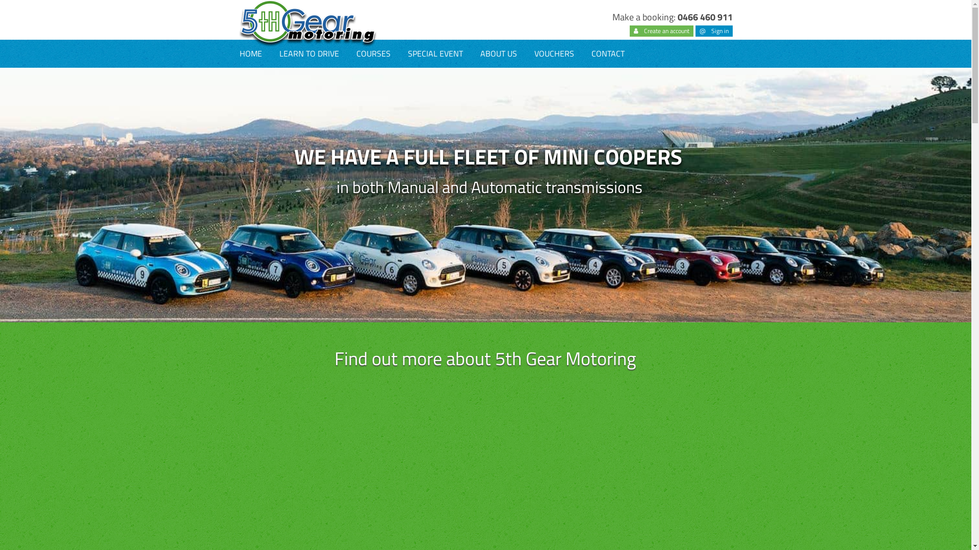 Image resolution: width=979 pixels, height=550 pixels. I want to click on 'SKIDPAN TRAINING', so click(373, 109).